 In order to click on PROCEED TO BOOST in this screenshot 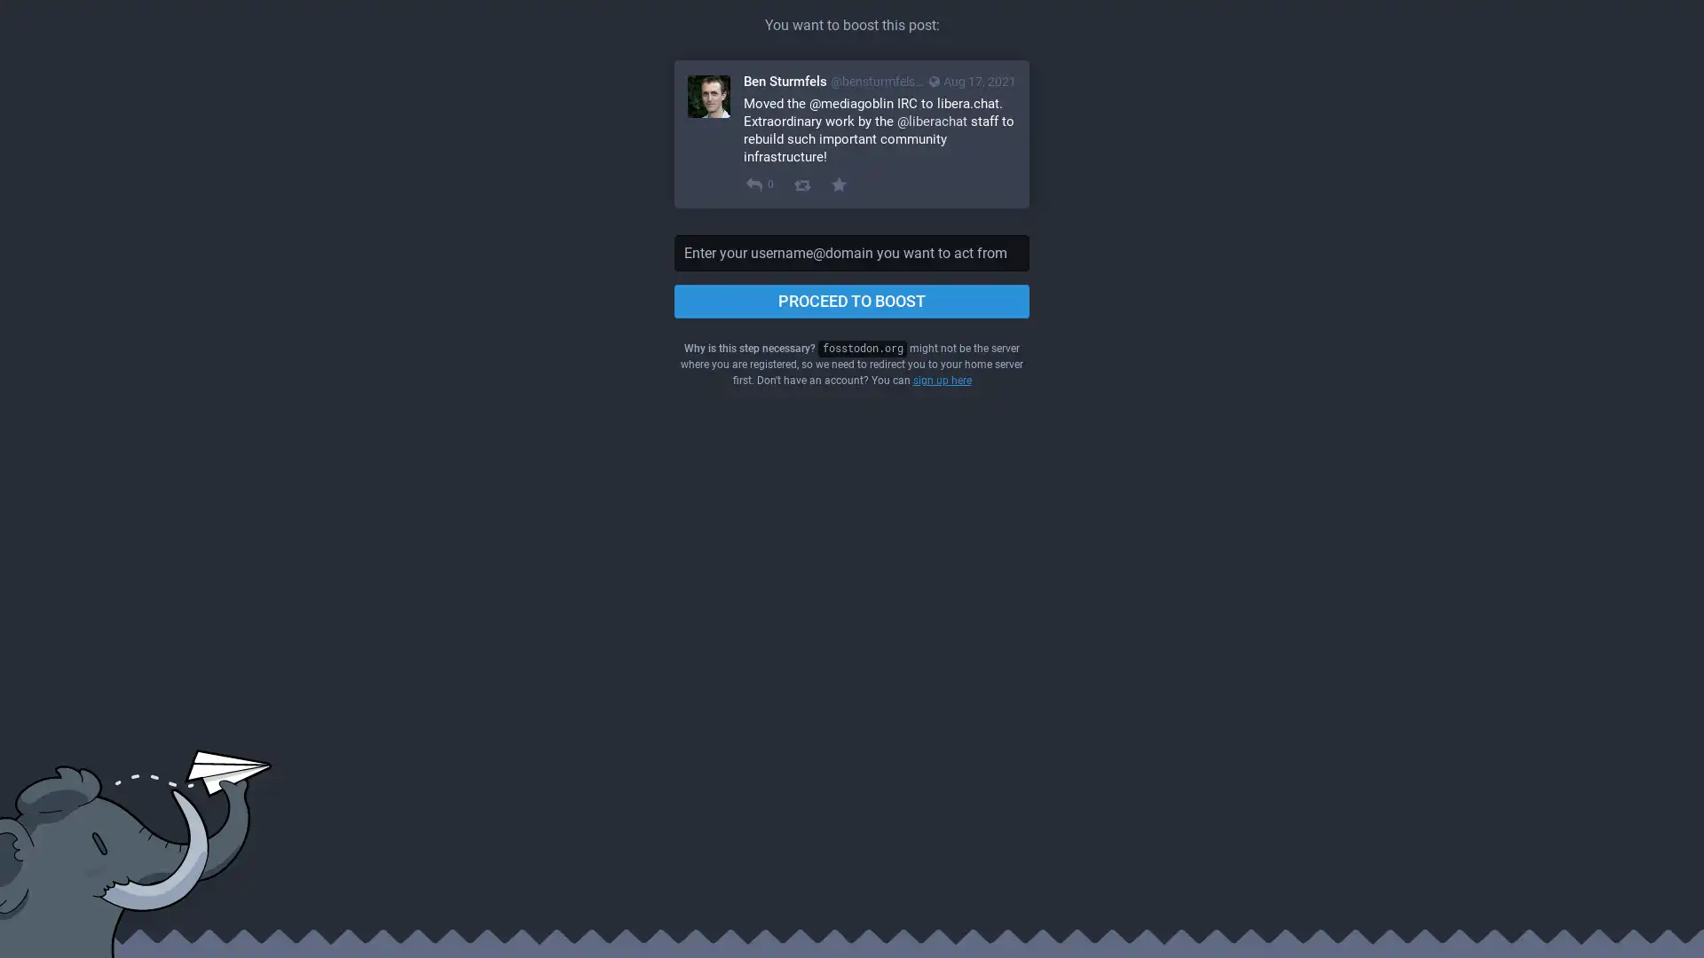, I will do `click(852, 300)`.